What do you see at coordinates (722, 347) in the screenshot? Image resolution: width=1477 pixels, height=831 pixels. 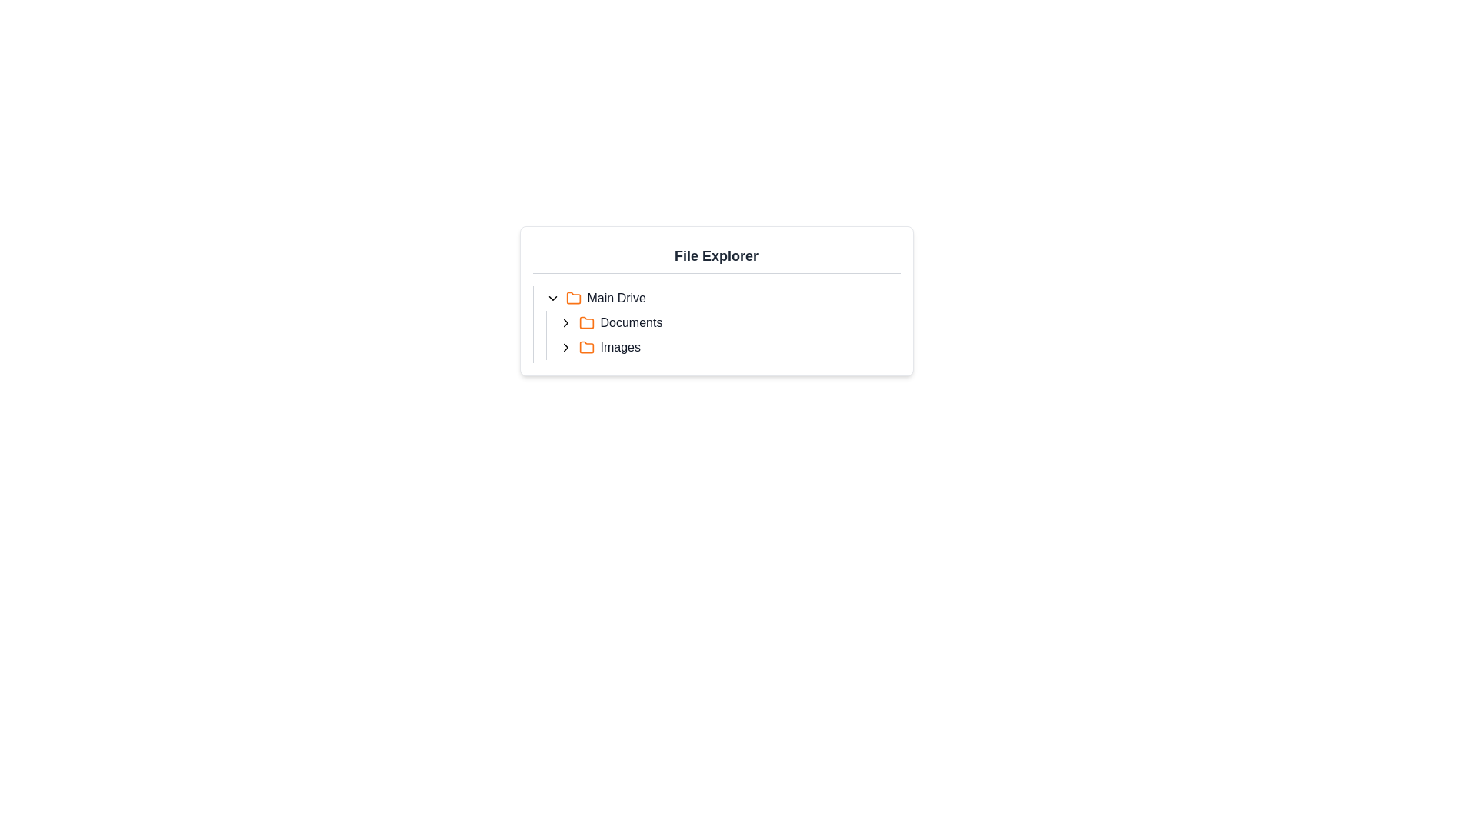 I see `the 'Images' navigation item located directly below the 'Documents' entry` at bounding box center [722, 347].